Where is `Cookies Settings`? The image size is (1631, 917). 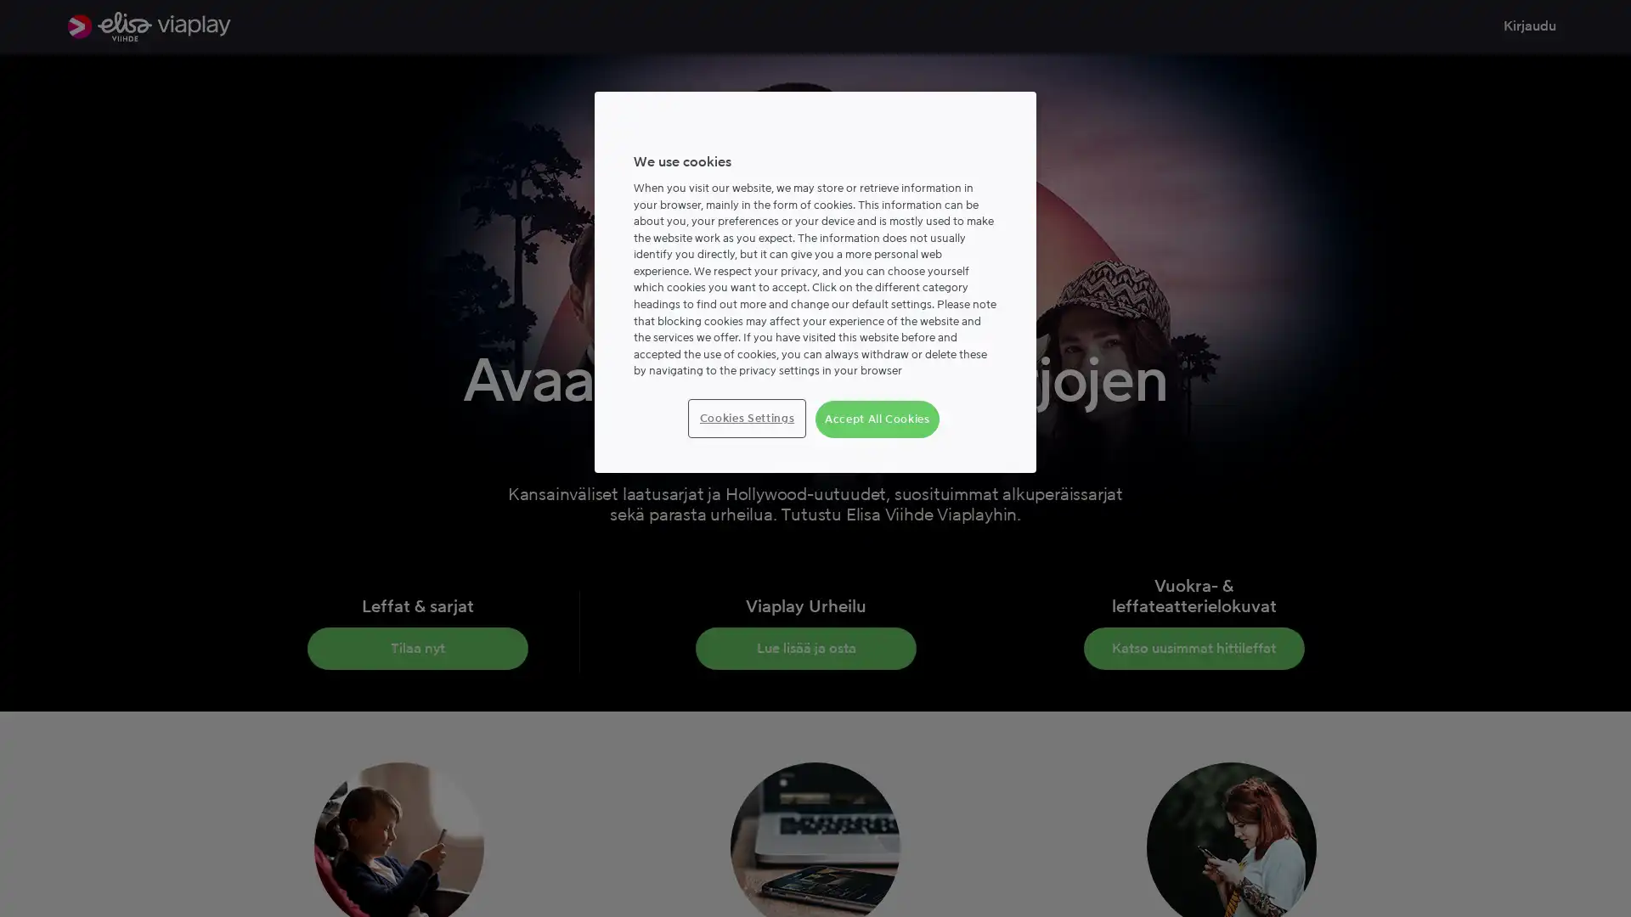
Cookies Settings is located at coordinates (747, 418).